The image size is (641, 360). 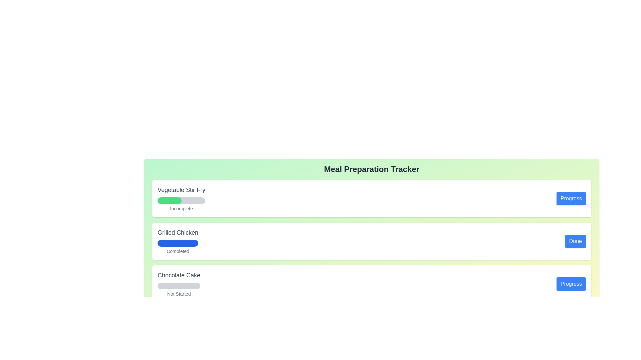 I want to click on the horizontal progress bar, which has a gray background and a green section indicating no progress, located below the text 'Chocolate Cake' and above 'Not Started', so click(x=179, y=285).